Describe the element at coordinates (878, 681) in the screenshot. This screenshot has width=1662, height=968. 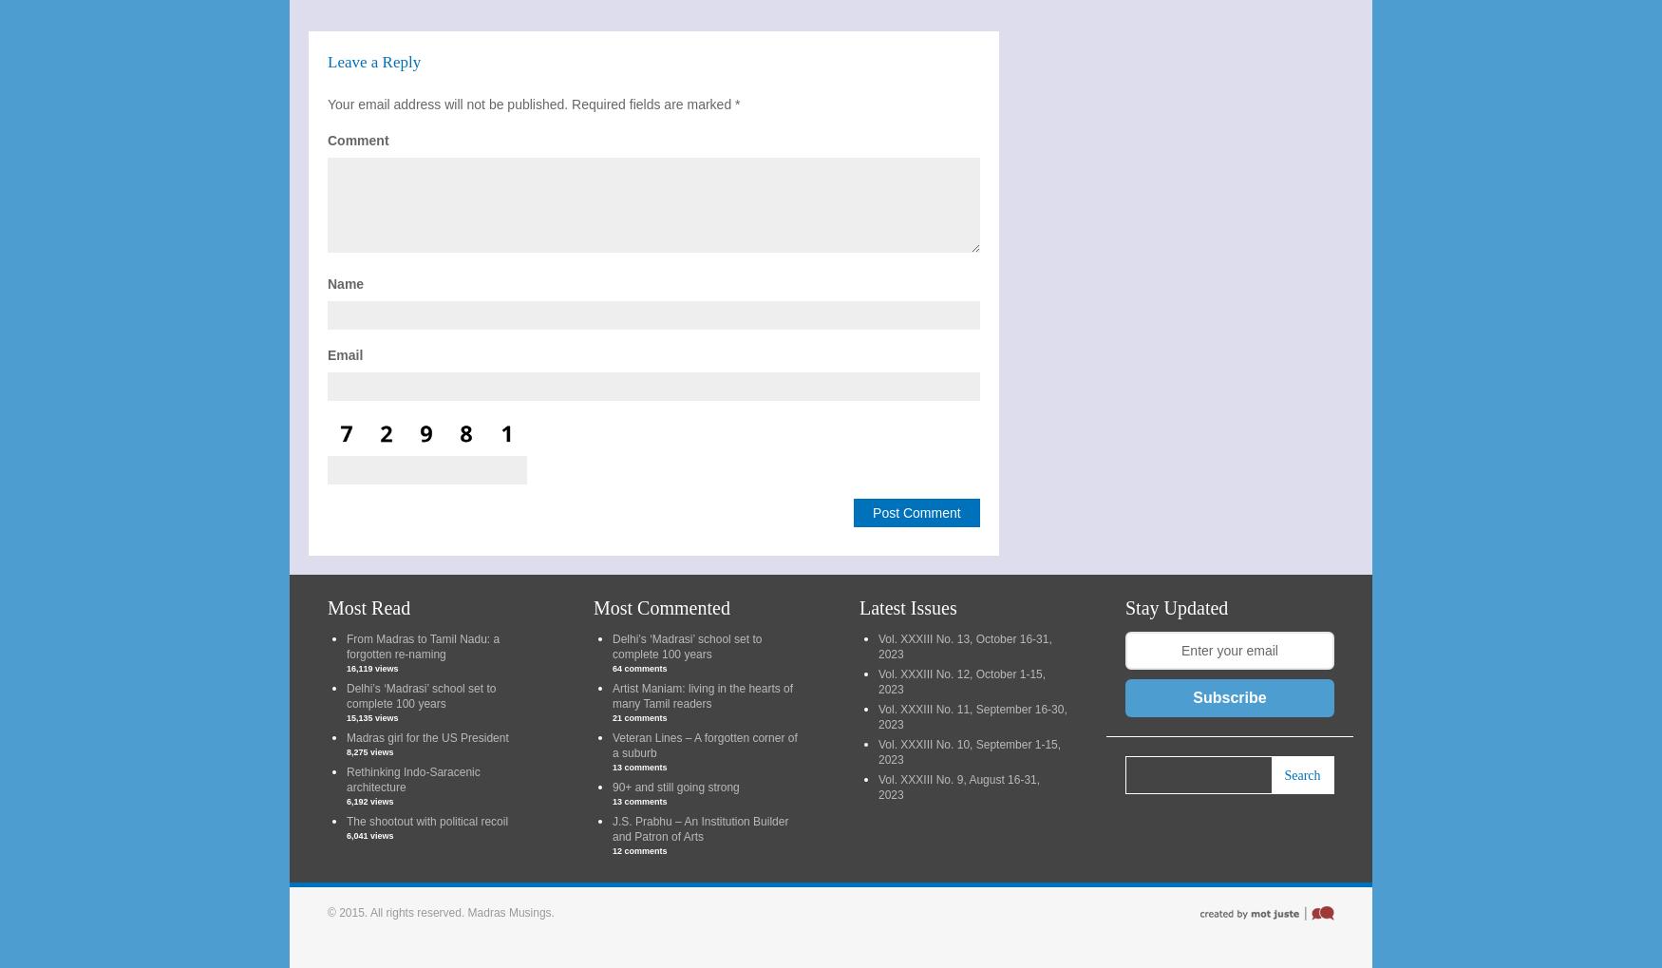
I see `'Vol. XXXIII No. 12, October 1-15, 2023'` at that location.